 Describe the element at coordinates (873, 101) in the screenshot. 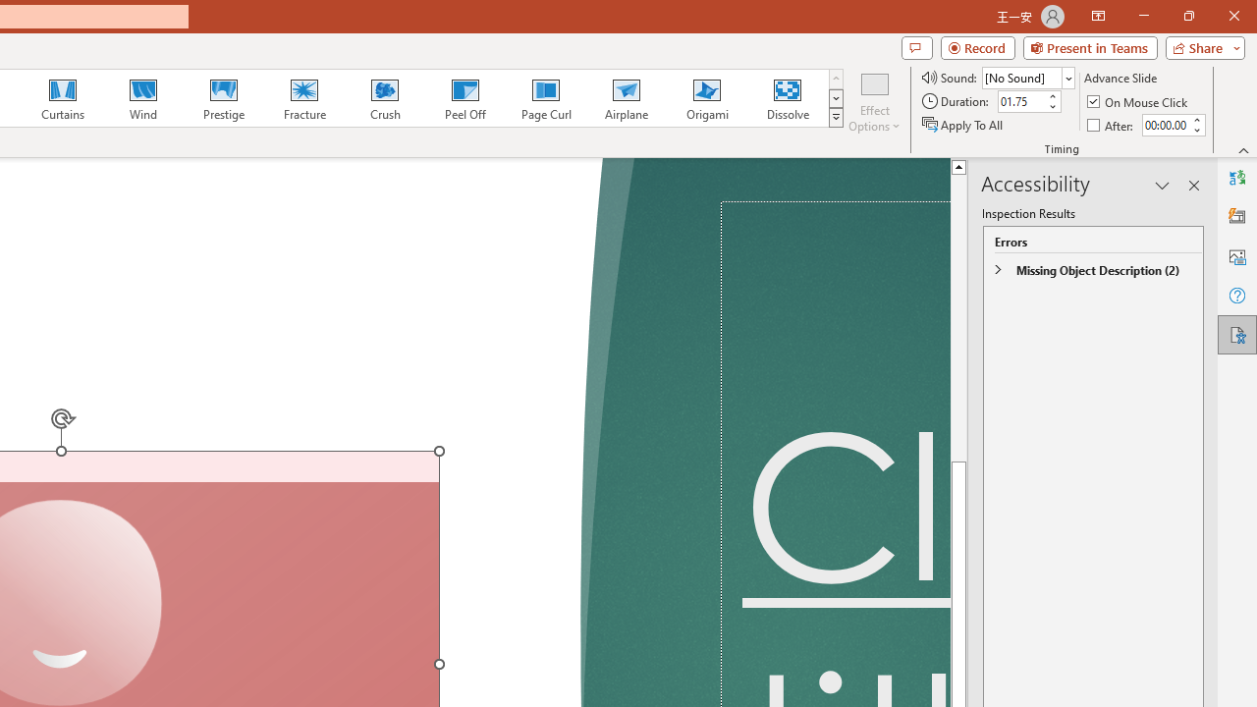

I see `'Effect Options'` at that location.